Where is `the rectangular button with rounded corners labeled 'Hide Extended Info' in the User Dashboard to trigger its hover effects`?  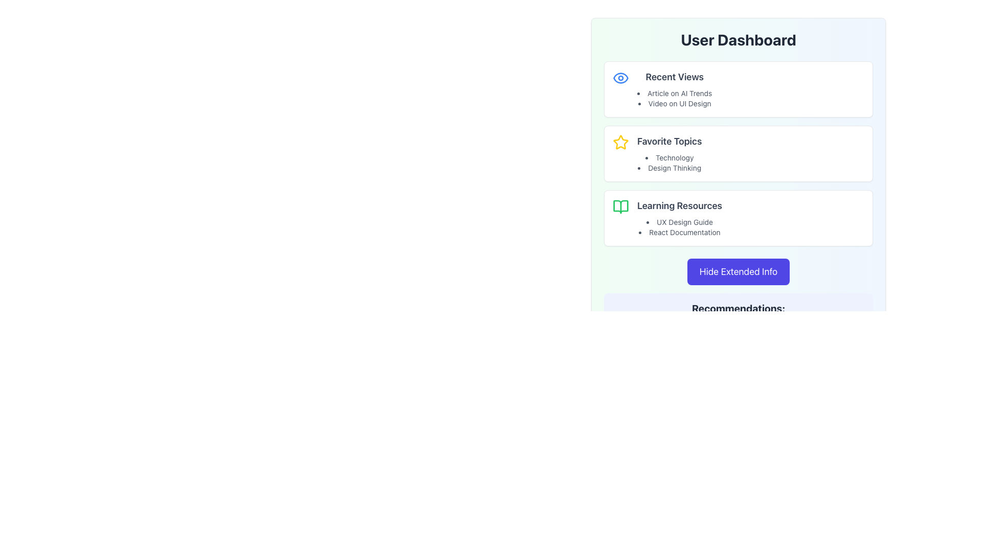
the rectangular button with rounded corners labeled 'Hide Extended Info' in the User Dashboard to trigger its hover effects is located at coordinates (739, 271).